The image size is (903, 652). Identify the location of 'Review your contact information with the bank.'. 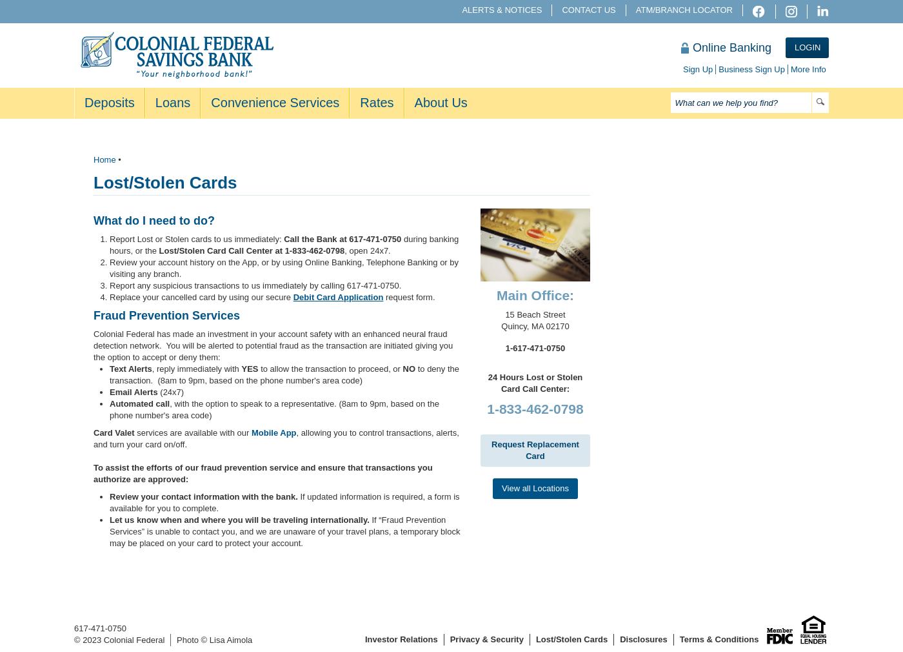
(109, 496).